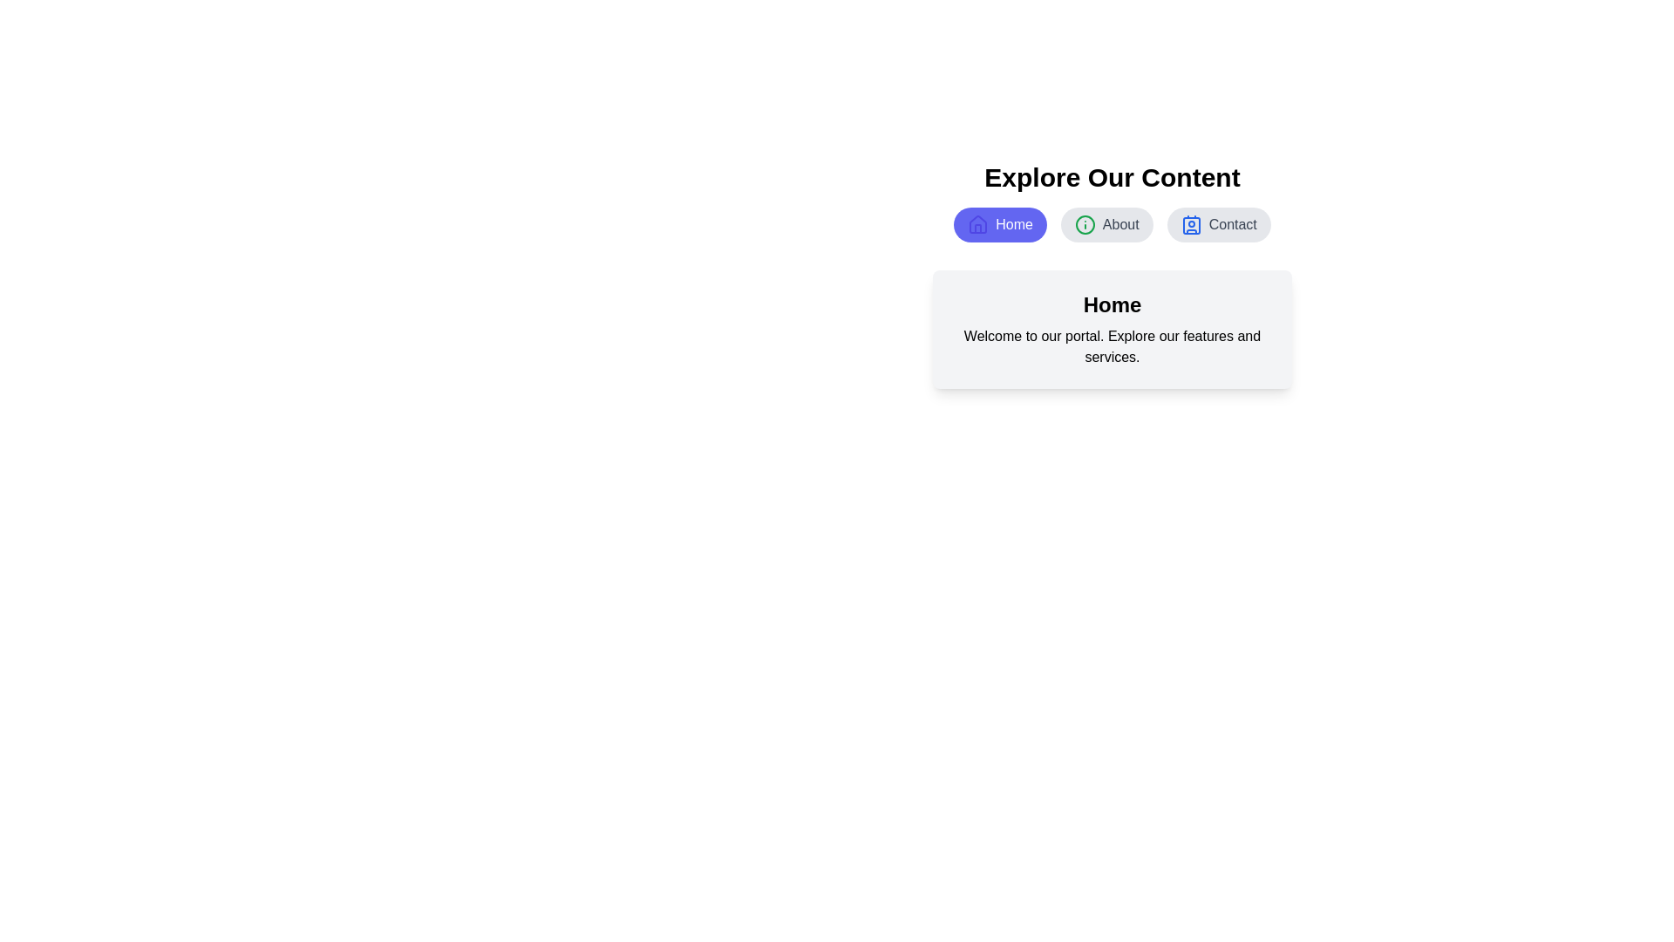  Describe the element at coordinates (1106, 224) in the screenshot. I see `the About tab by clicking its button` at that location.